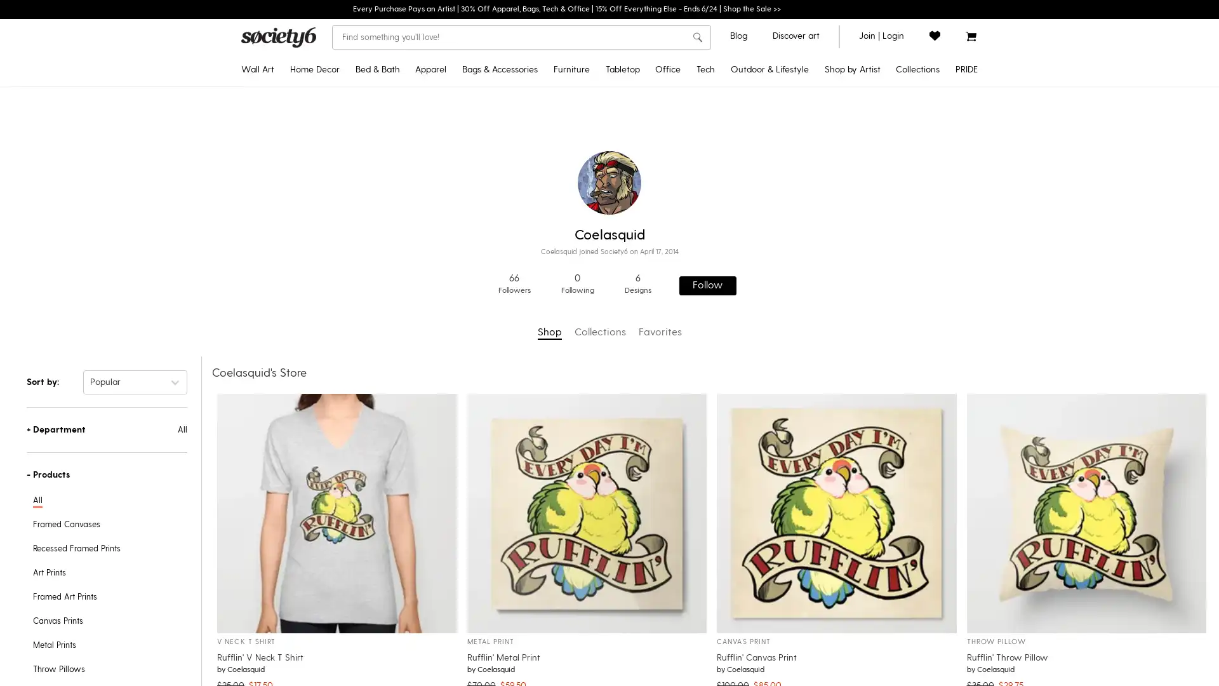  I want to click on Laptop Stickers, so click(699, 307).